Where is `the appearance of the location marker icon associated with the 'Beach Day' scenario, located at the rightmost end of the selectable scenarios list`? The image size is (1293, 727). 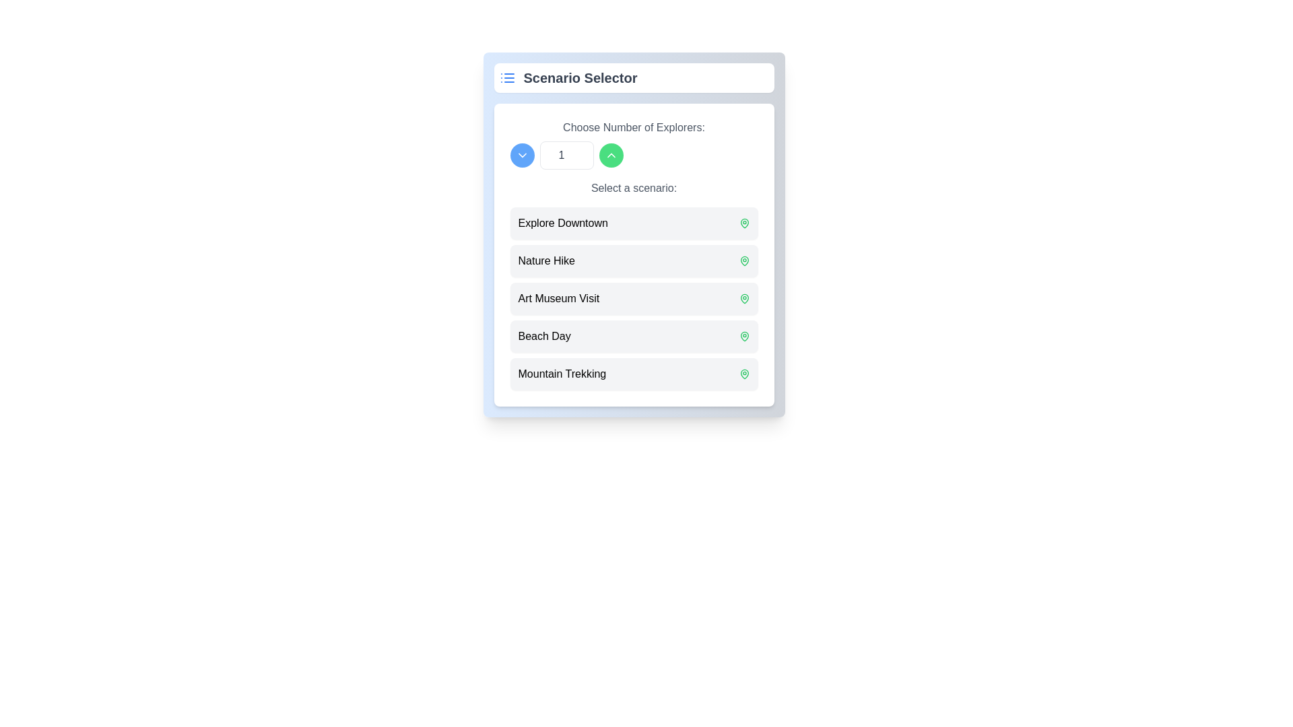
the appearance of the location marker icon associated with the 'Beach Day' scenario, located at the rightmost end of the selectable scenarios list is located at coordinates (743, 336).